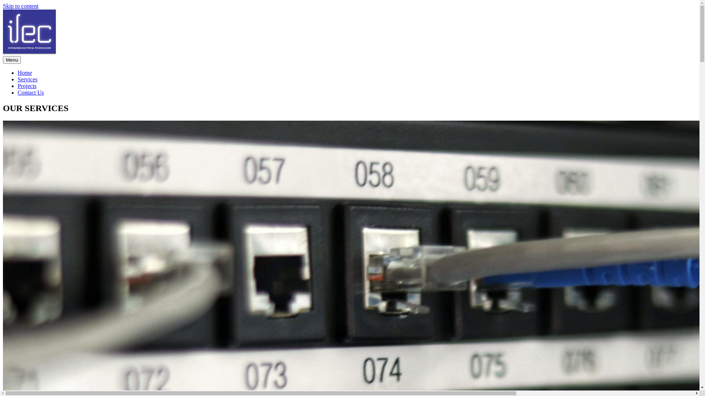 This screenshot has height=396, width=705. I want to click on 'Menu', so click(12, 59).